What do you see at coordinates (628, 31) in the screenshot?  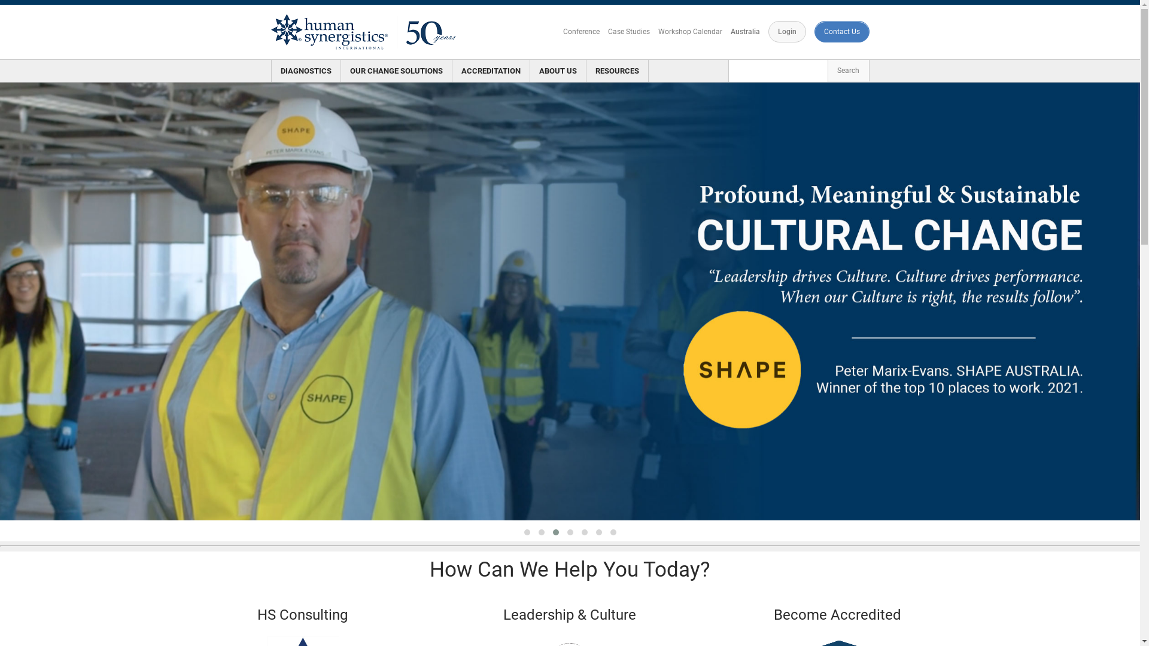 I see `'Case Studies'` at bounding box center [628, 31].